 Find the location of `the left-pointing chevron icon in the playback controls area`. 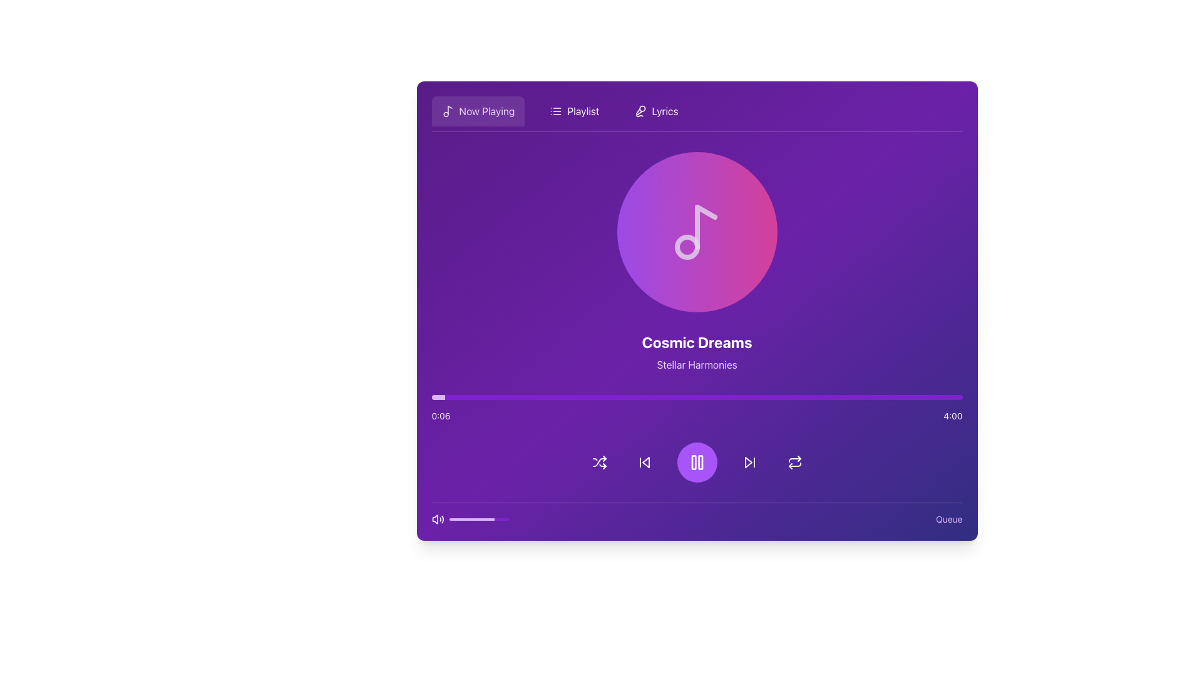

the left-pointing chevron icon in the playback controls area is located at coordinates (645, 463).